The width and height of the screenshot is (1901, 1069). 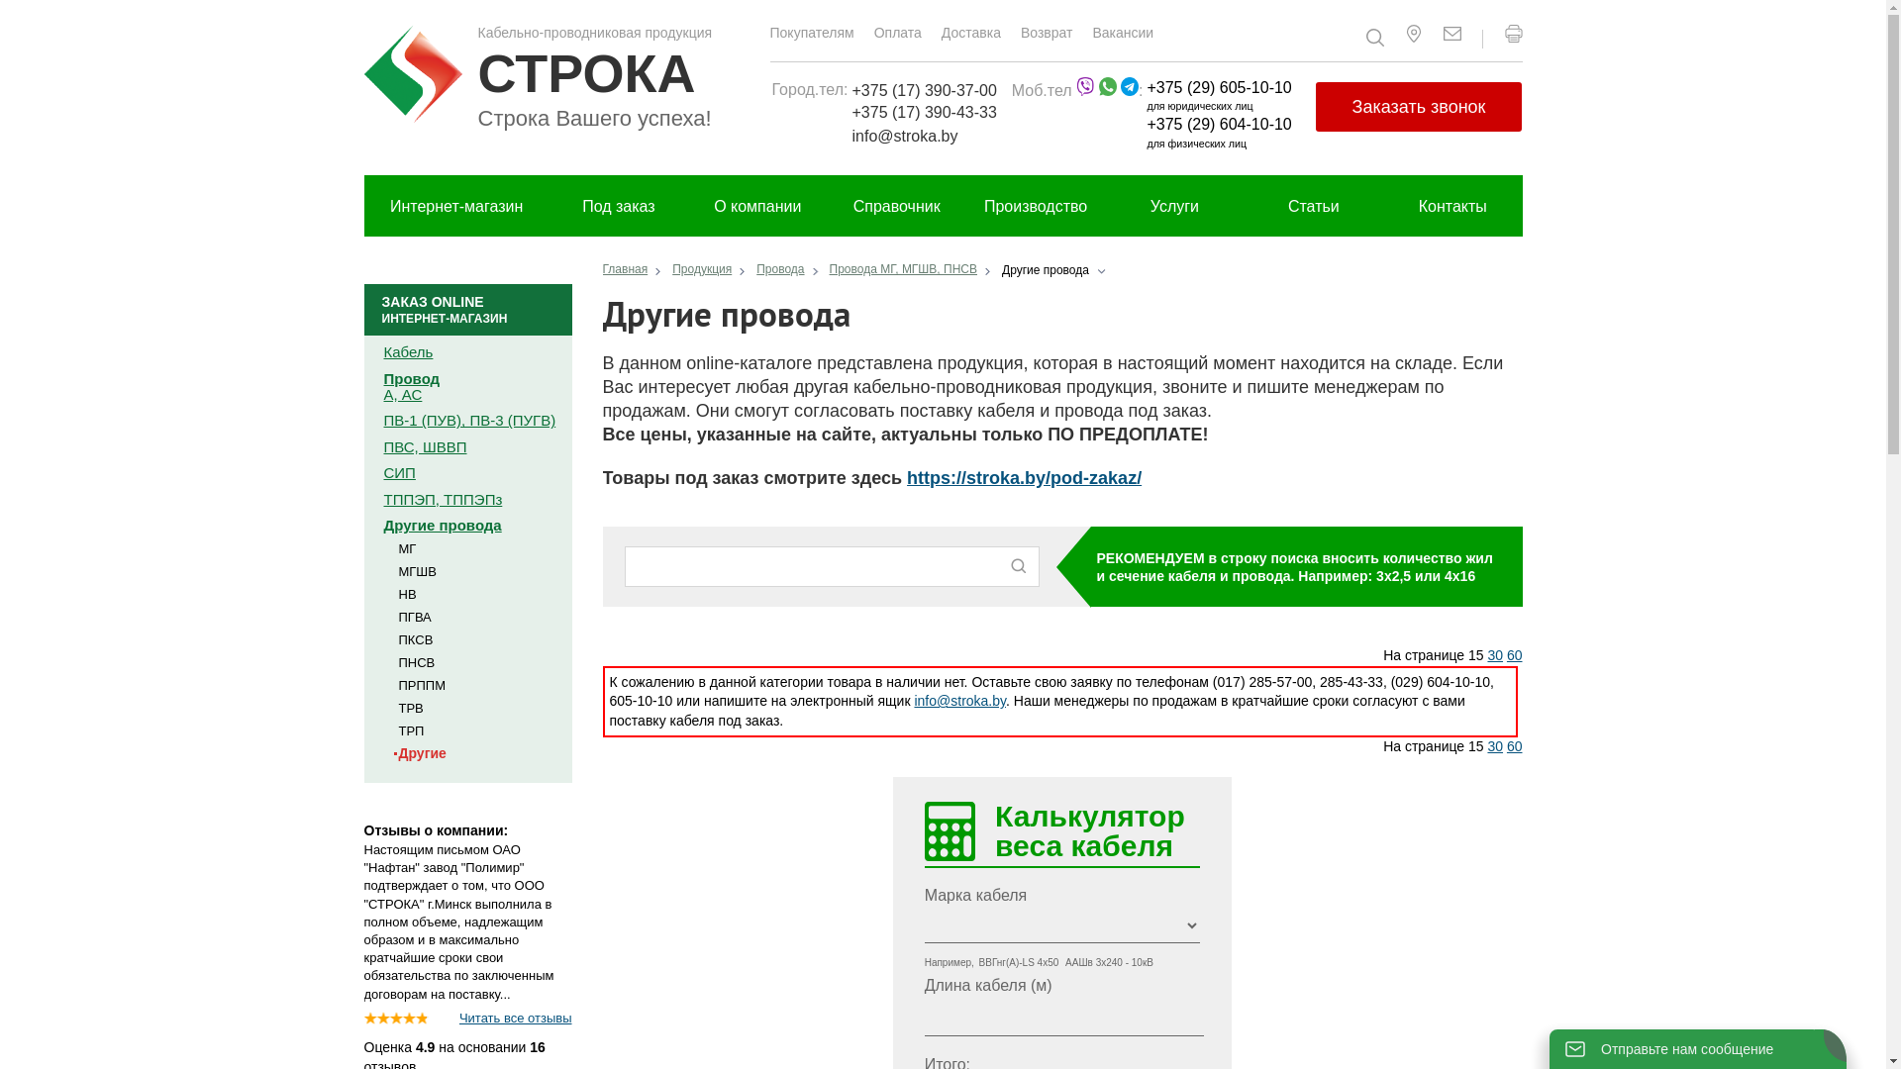 What do you see at coordinates (959, 700) in the screenshot?
I see `'info@stroka.by'` at bounding box center [959, 700].